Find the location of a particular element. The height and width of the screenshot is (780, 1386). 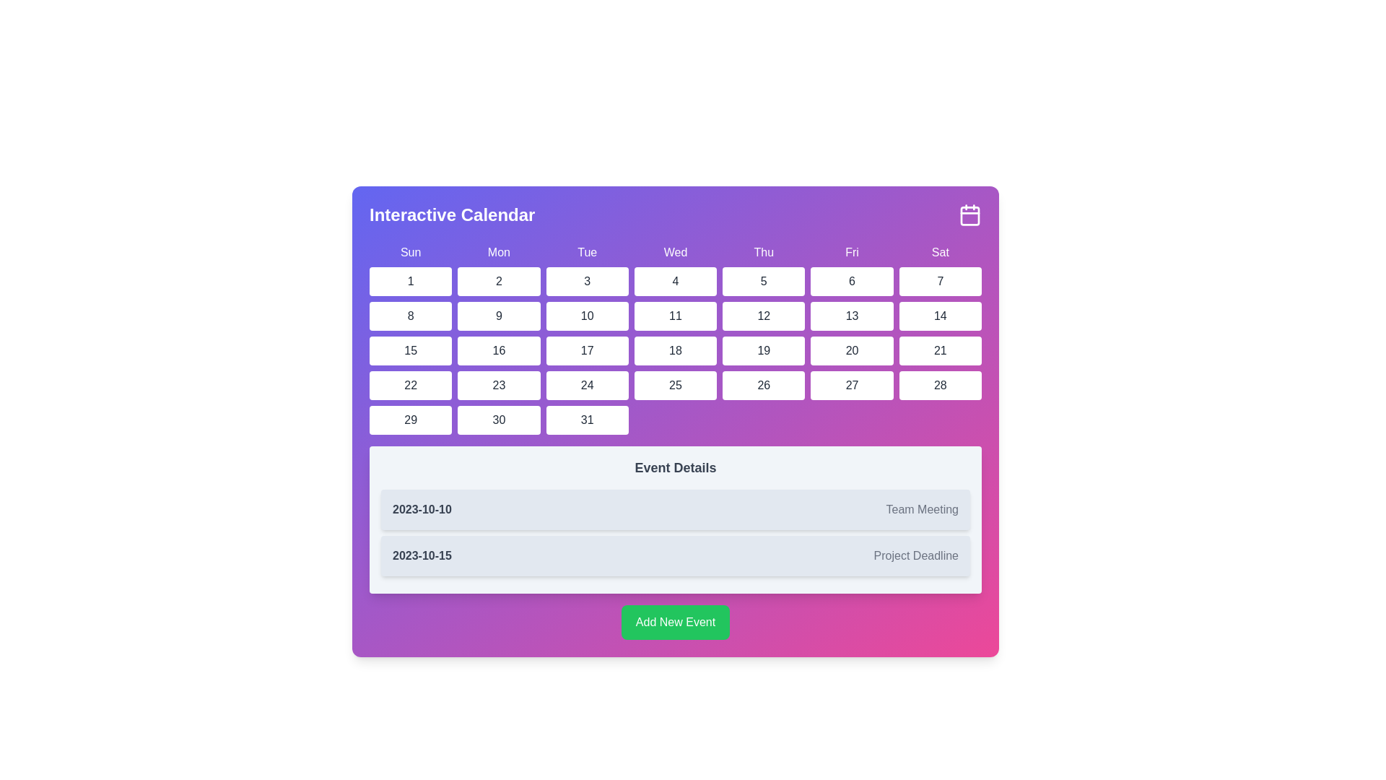

the static text label for Tuesday, which is the third header item in the calendar grid, positioned between 'Mon' and 'Wed' is located at coordinates (587, 252).